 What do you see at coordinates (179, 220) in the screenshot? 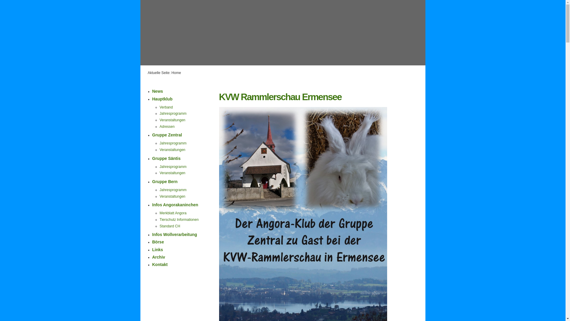
I see `'Tierschutz Informationen'` at bounding box center [179, 220].